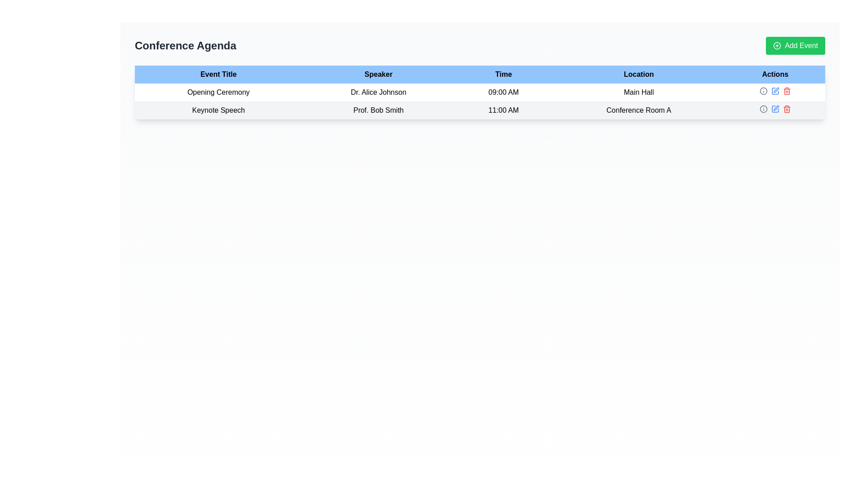  I want to click on the red trash icon button in the 'Actions' column of the second row in the 'Conference Agenda' table to observe any hovering effect, so click(786, 109).